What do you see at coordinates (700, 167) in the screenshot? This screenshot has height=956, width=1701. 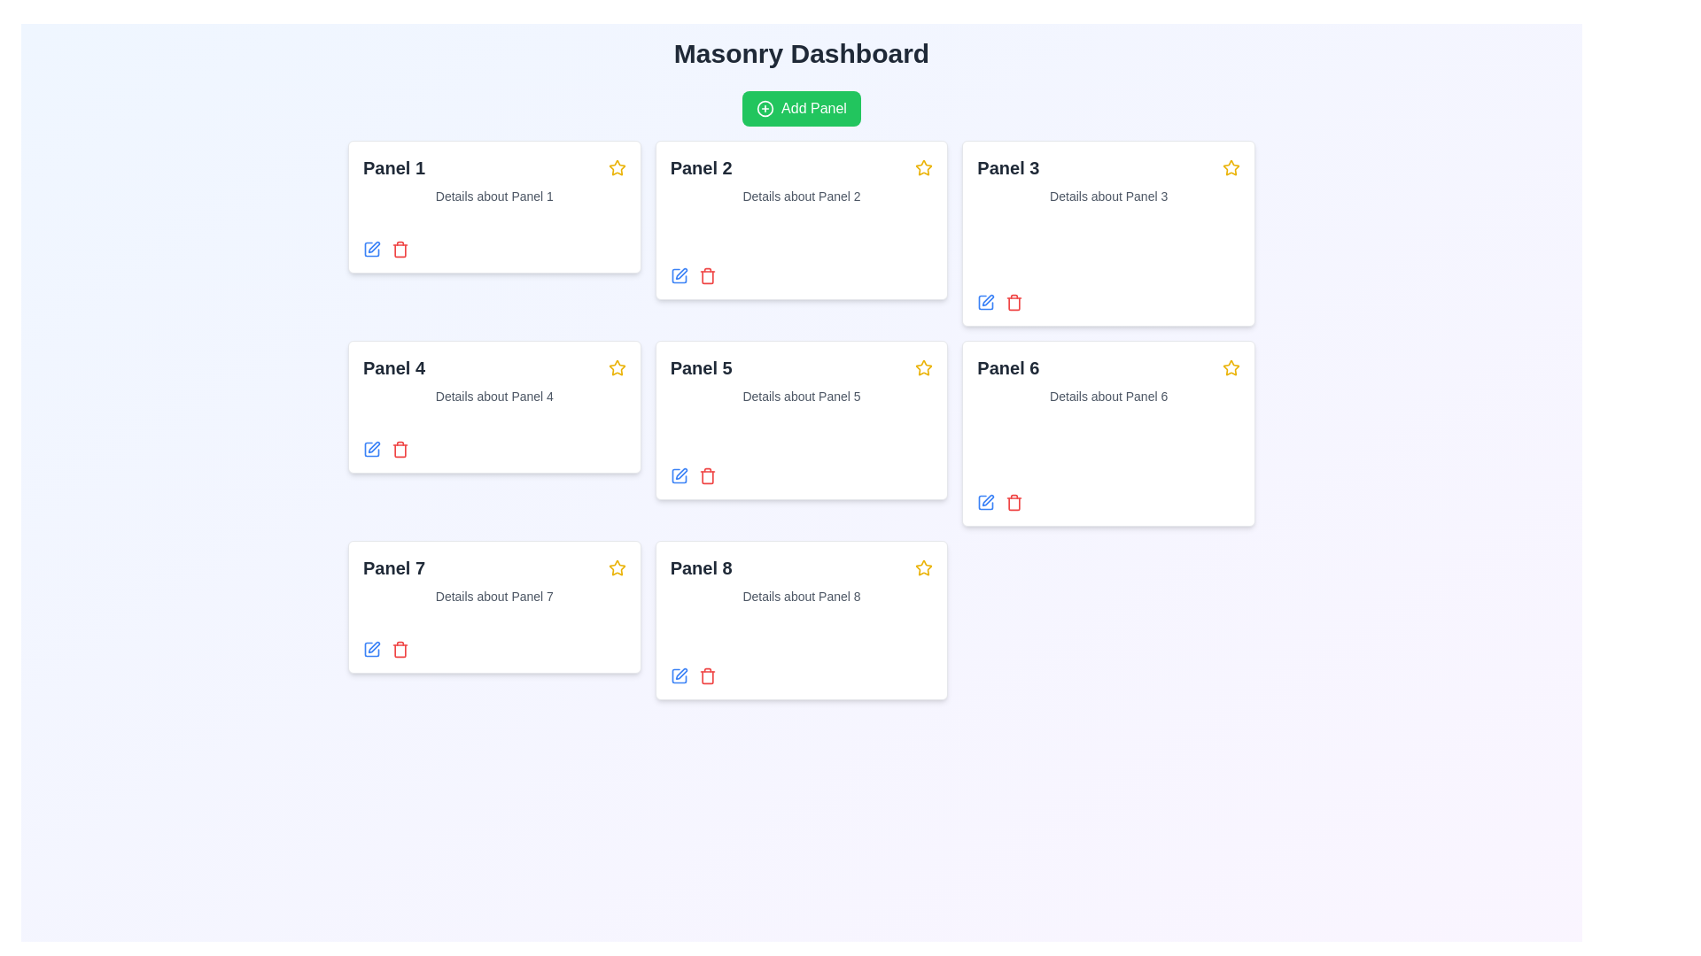 I see `text from the label that says 'Panel 2', which is styled in bold, large font and located in the top-left section of the second panel in a grid layout` at bounding box center [700, 167].